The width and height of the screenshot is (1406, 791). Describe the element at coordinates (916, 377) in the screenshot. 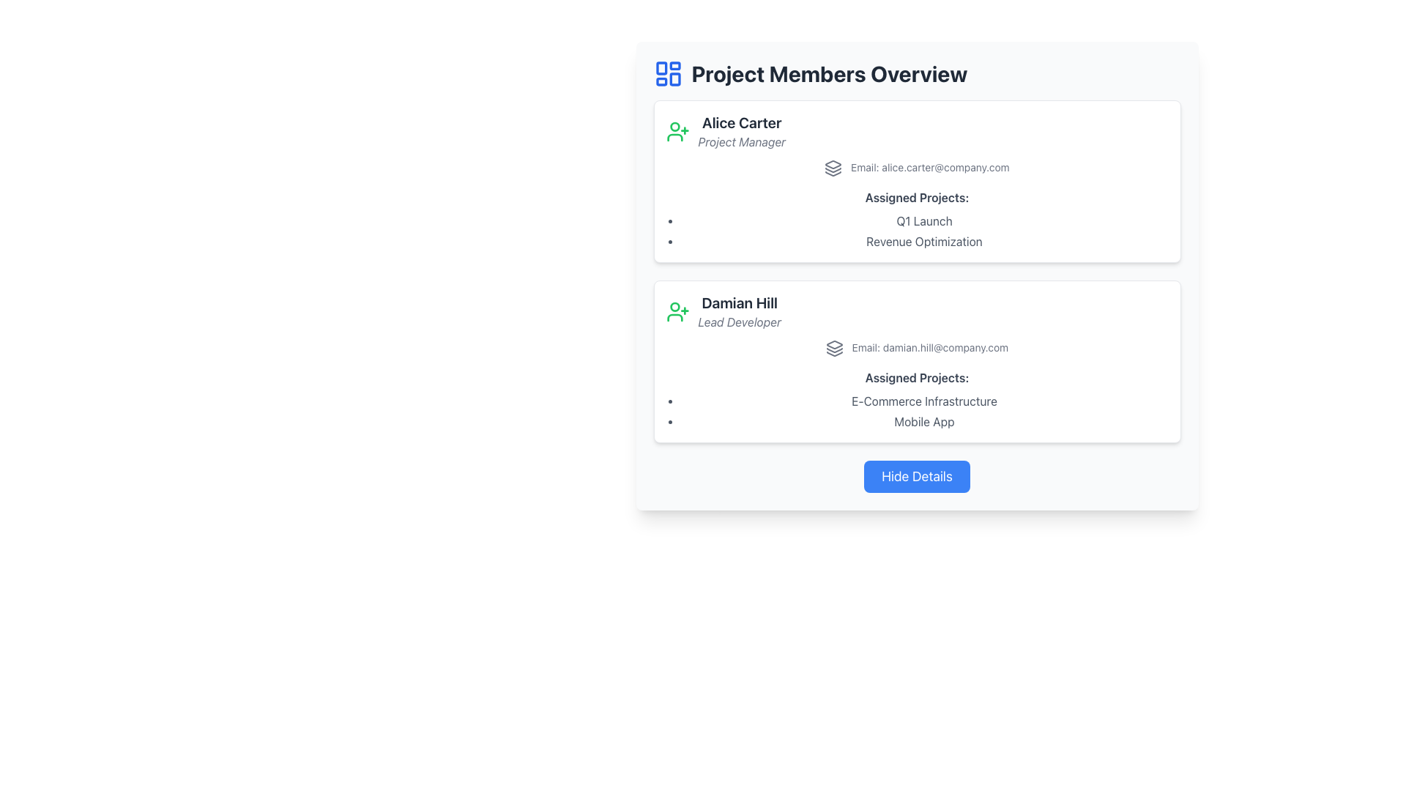

I see `text label that describes the list of assigned projects, located under the header 'Damian Hill' and above the bulleted list` at that location.